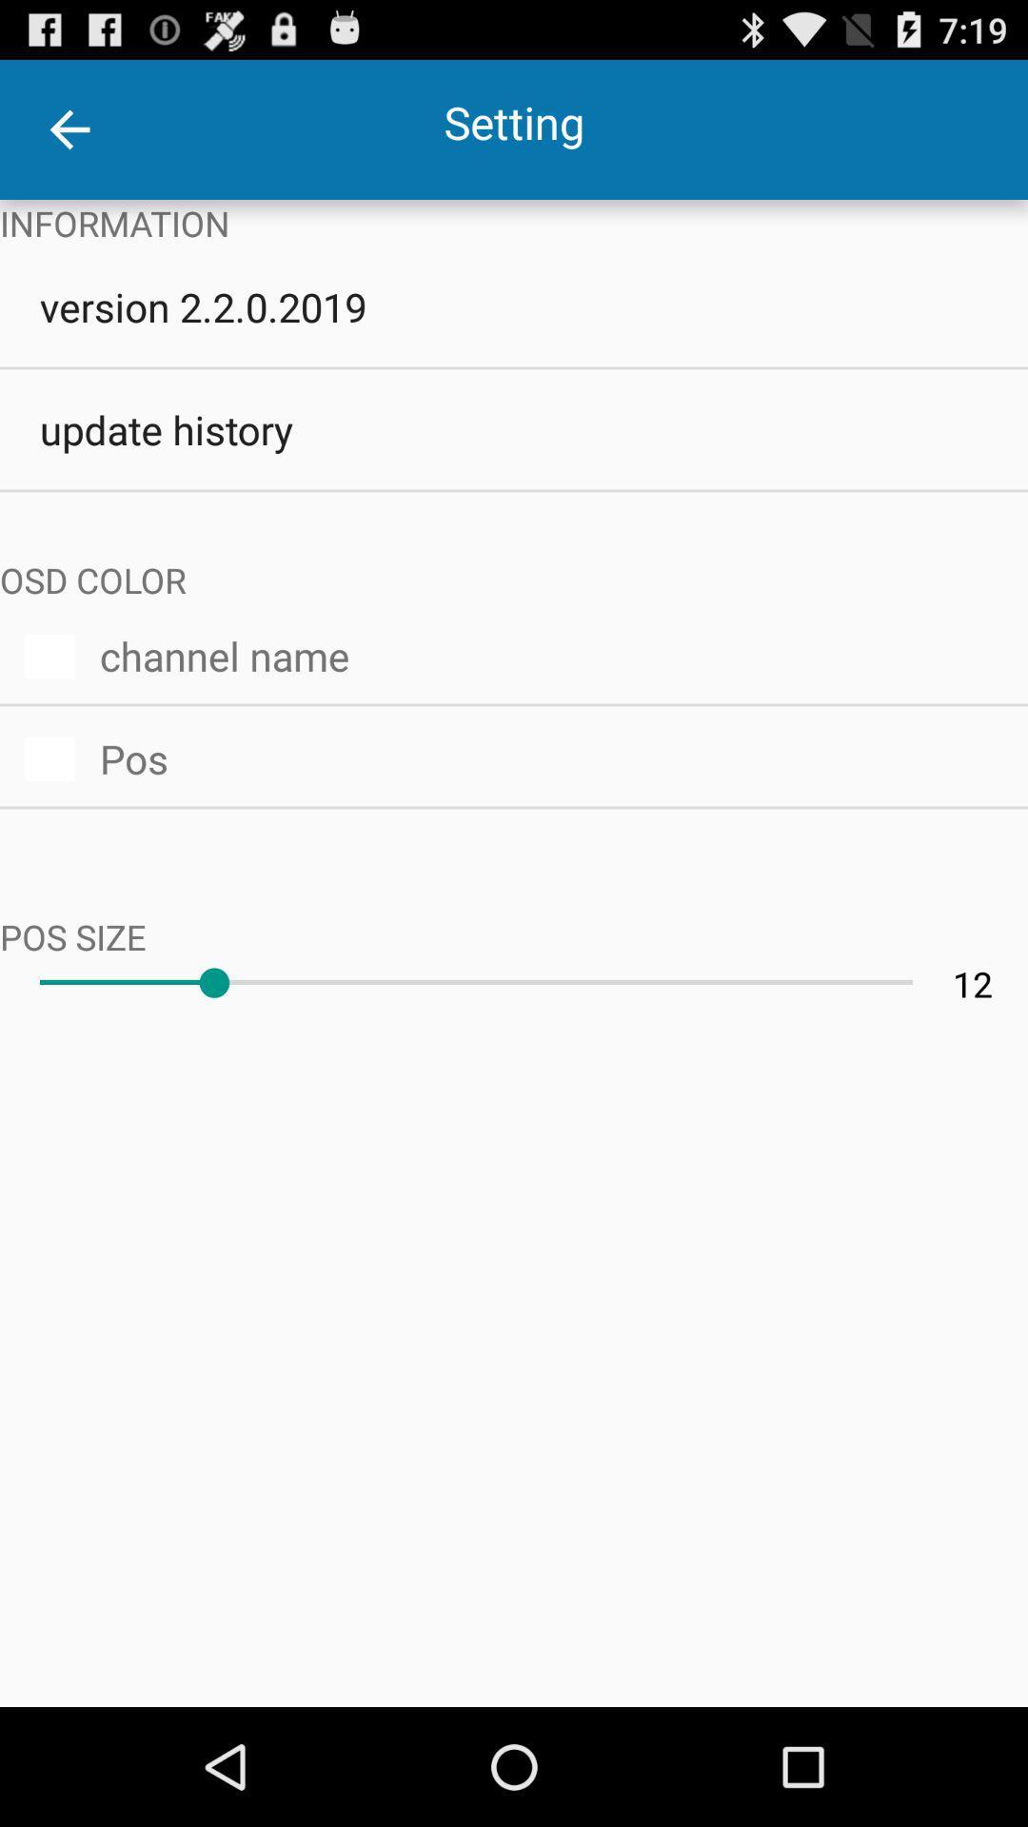 This screenshot has height=1827, width=1028. Describe the element at coordinates (514, 428) in the screenshot. I see `the icon below version 2 2 icon` at that location.